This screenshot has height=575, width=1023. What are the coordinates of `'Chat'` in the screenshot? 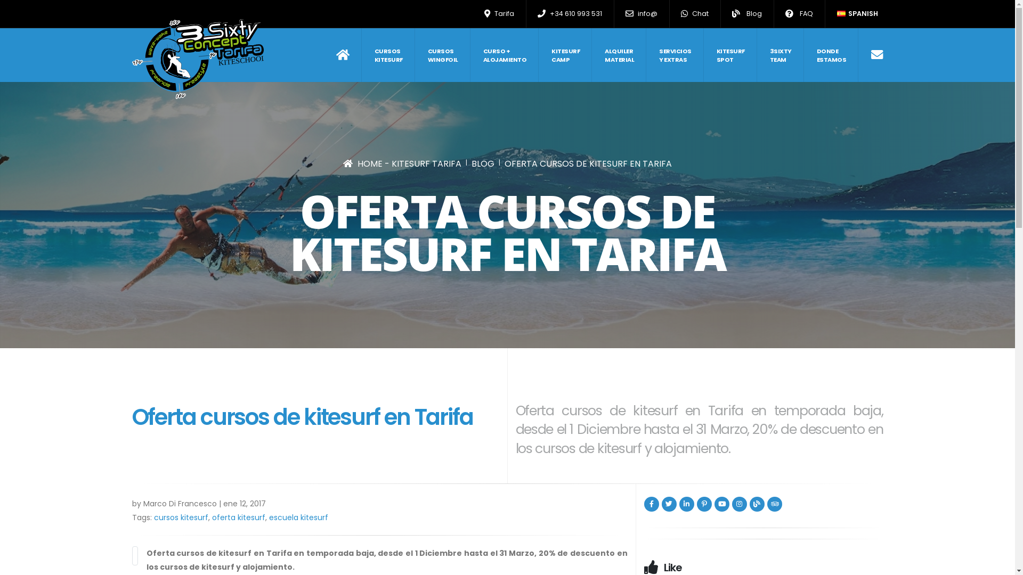 It's located at (694, 14).